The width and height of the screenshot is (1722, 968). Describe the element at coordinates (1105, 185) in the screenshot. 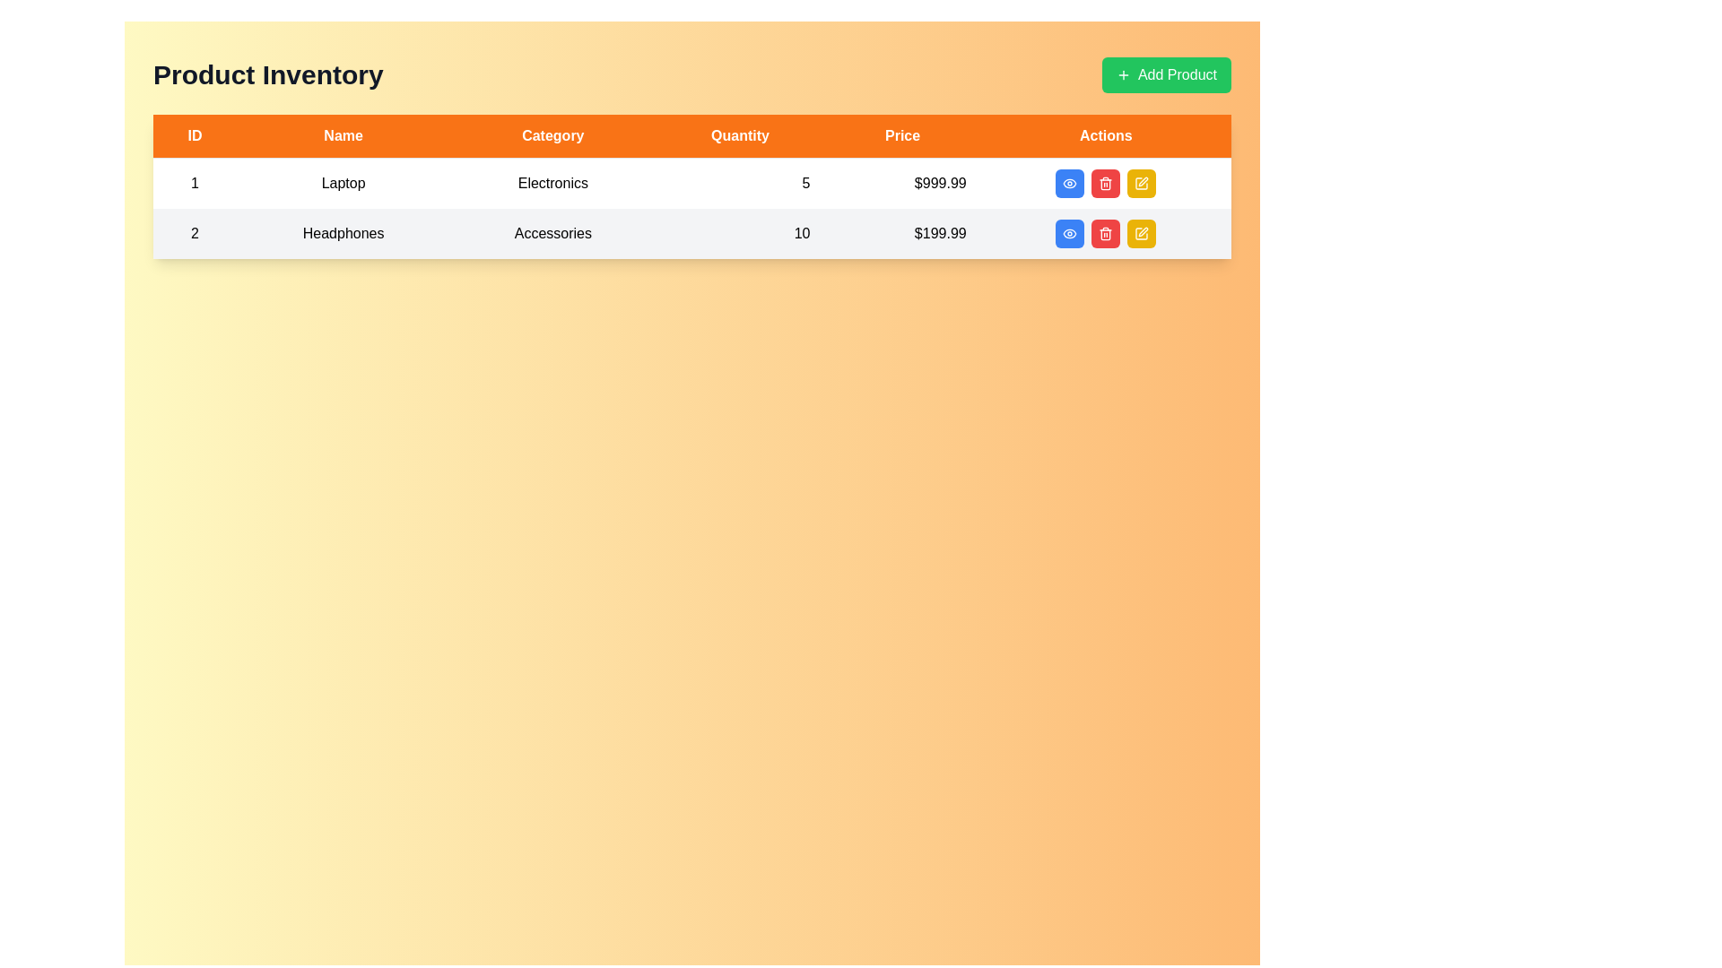

I see `the body of the trash bin icon located in the actions column of the second row for 'Headphones'` at that location.